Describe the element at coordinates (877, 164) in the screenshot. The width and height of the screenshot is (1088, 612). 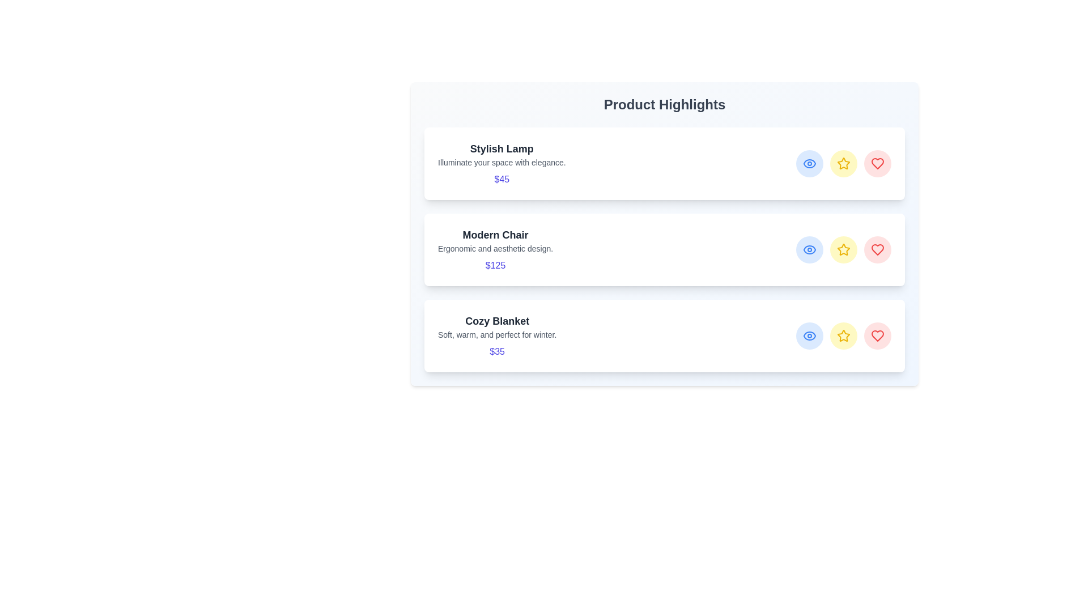
I see `the like button for the Stylish Lamp product` at that location.